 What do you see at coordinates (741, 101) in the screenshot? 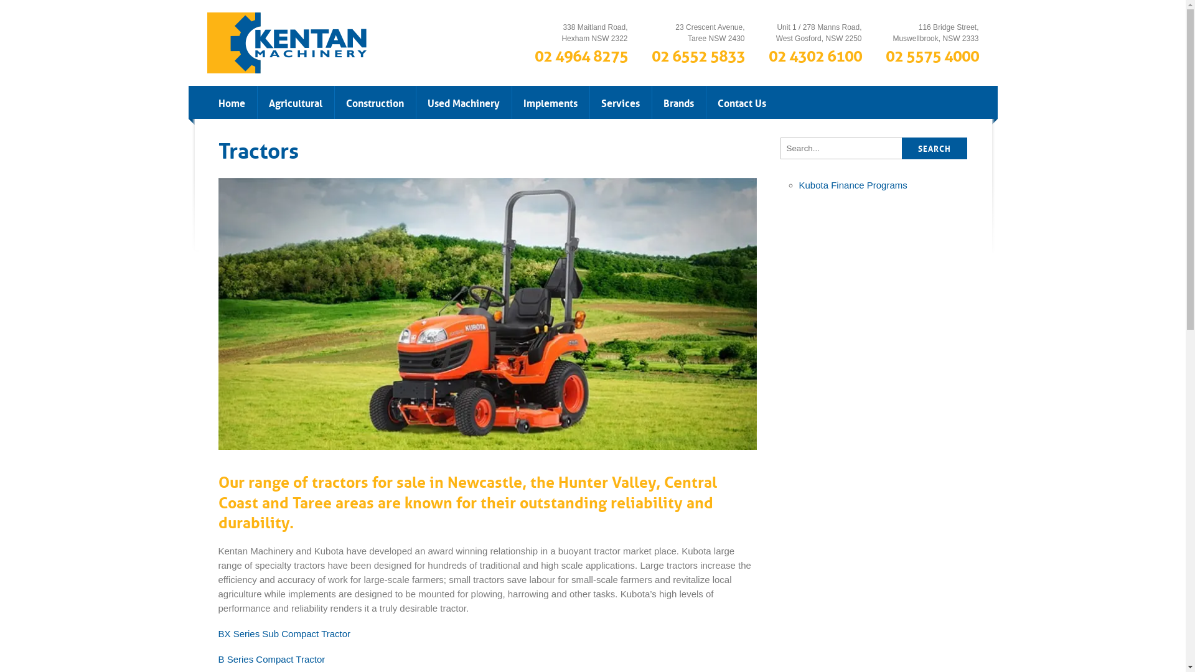
I see `'Contact Us'` at bounding box center [741, 101].